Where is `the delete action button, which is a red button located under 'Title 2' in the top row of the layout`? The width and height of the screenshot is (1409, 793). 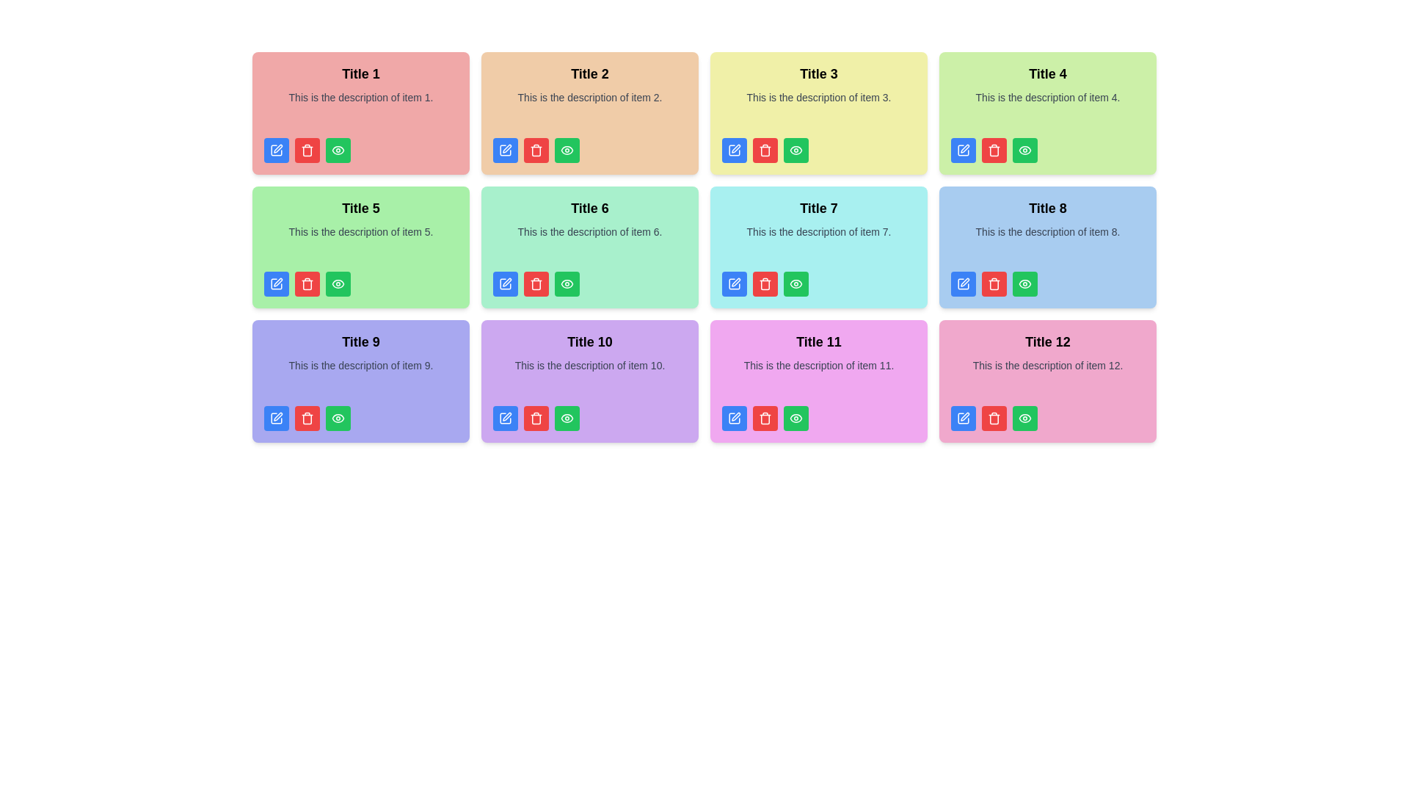
the delete action button, which is a red button located under 'Title 2' in the top row of the layout is located at coordinates (764, 150).